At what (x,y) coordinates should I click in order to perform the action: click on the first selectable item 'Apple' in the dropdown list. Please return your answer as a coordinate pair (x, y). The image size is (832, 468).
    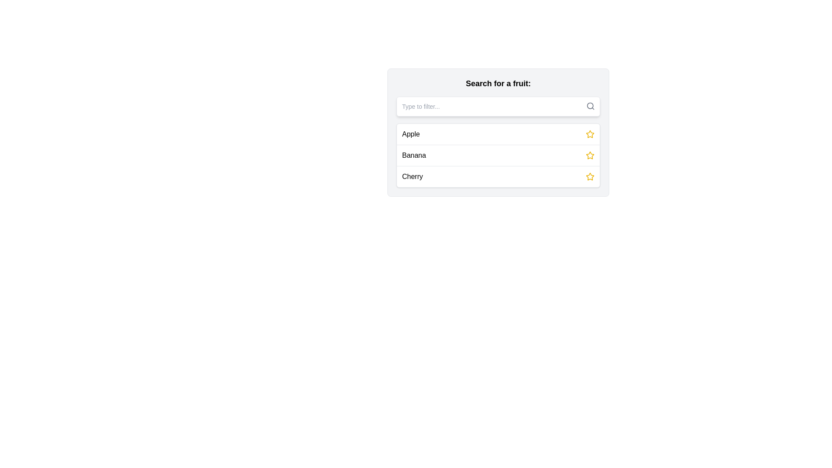
    Looking at the image, I should click on (498, 132).